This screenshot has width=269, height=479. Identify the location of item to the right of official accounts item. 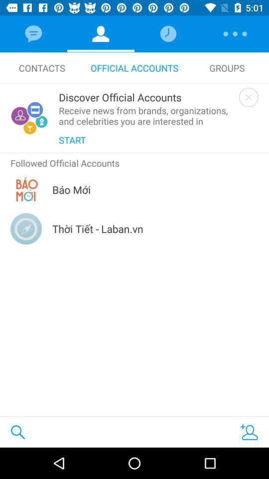
(227, 67).